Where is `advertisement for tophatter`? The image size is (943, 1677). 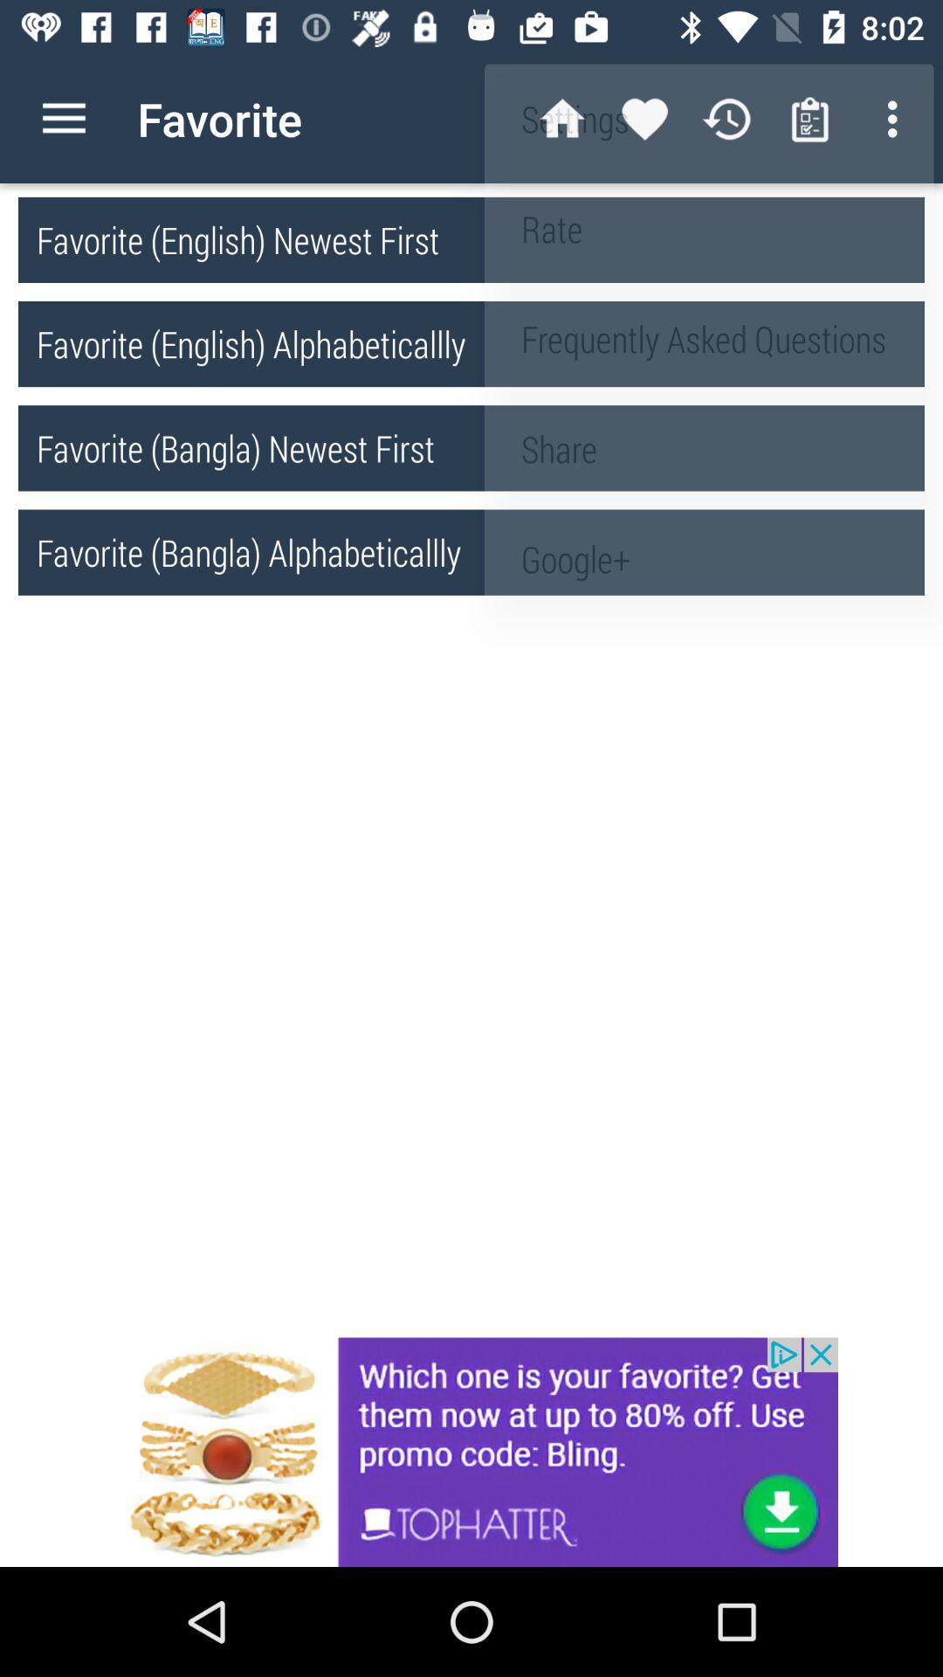 advertisement for tophatter is located at coordinates (471, 1452).